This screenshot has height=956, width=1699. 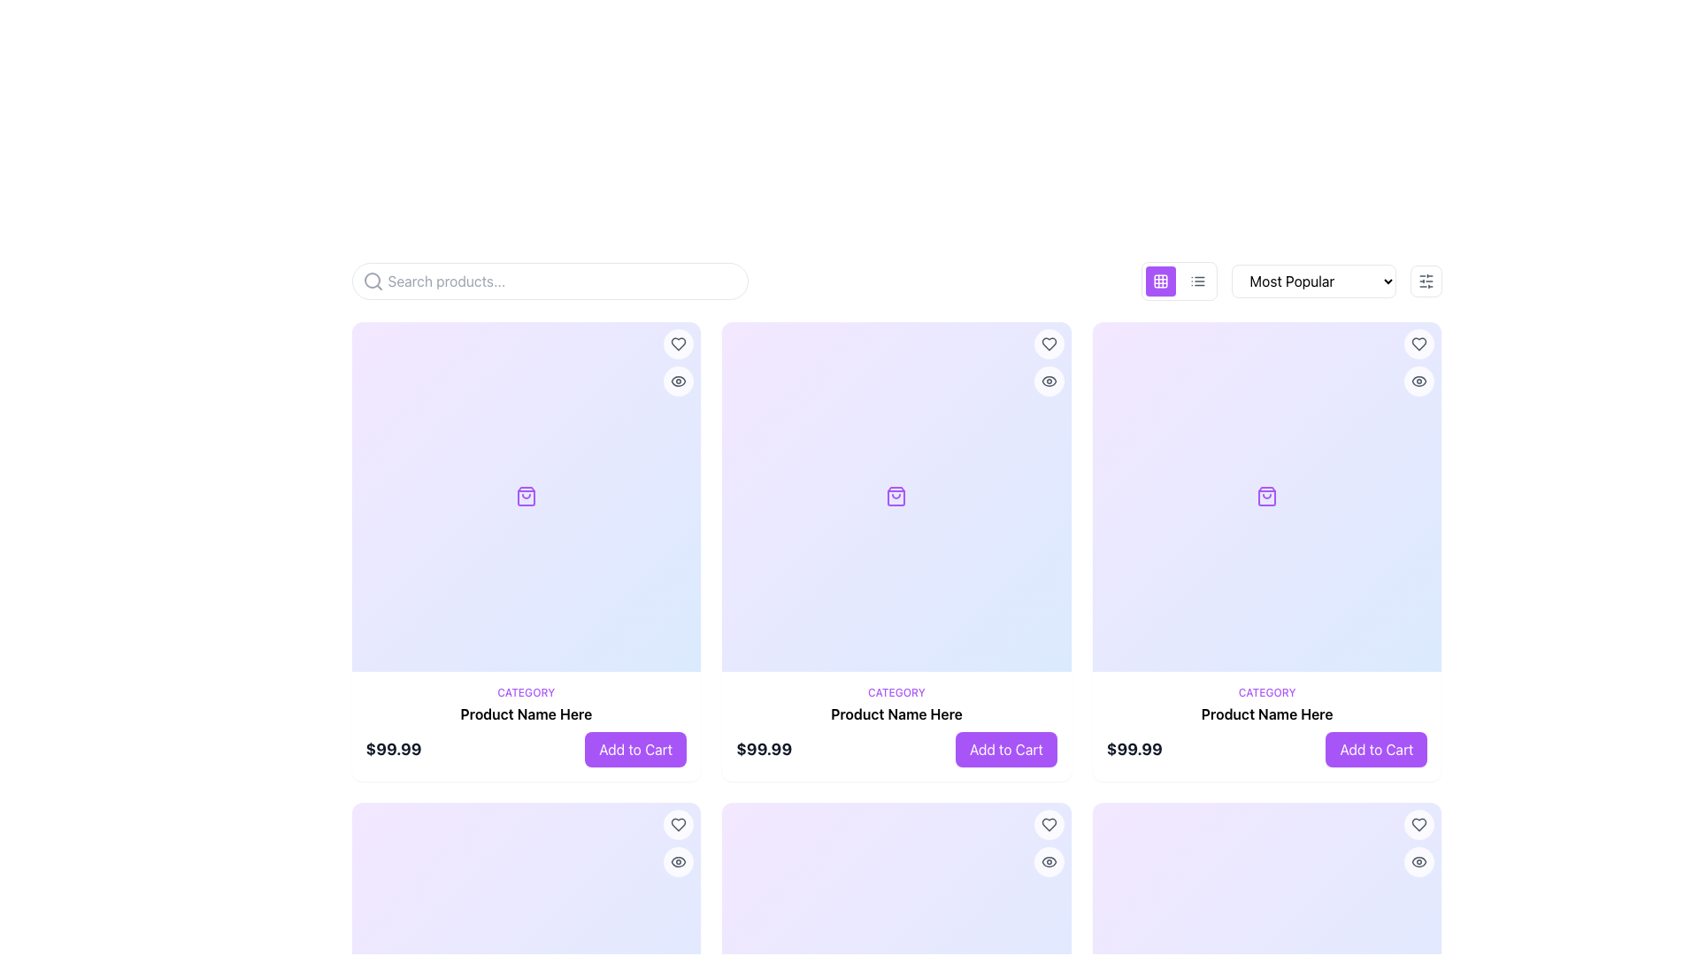 What do you see at coordinates (1049, 381) in the screenshot?
I see `the 'view' or 'preview' button located to the top-right of the product card layout, which is the second button in the vertical arrangement under the heart icon button, to change its color` at bounding box center [1049, 381].